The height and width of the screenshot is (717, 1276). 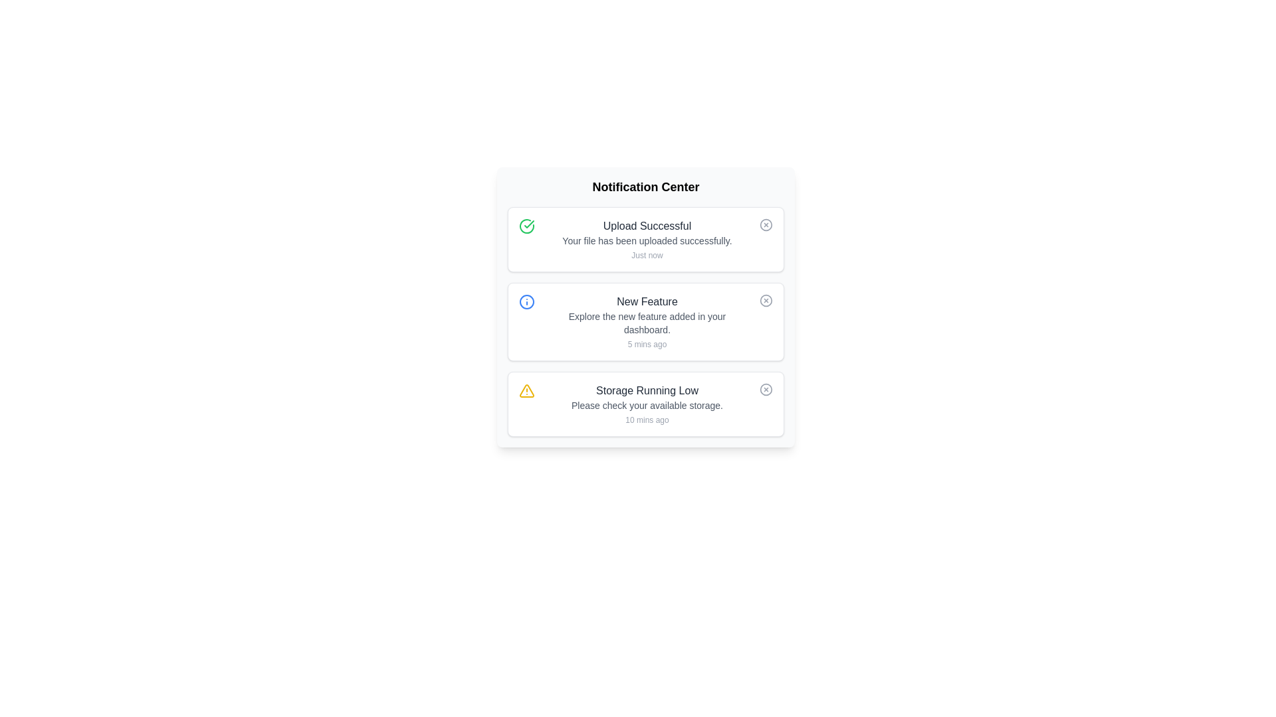 I want to click on the Notification Card displaying 'Upload Successful', which contains the message 'Your file has been uploaded successfully.' and is the first in the vertical list of notifications, so click(x=647, y=240).